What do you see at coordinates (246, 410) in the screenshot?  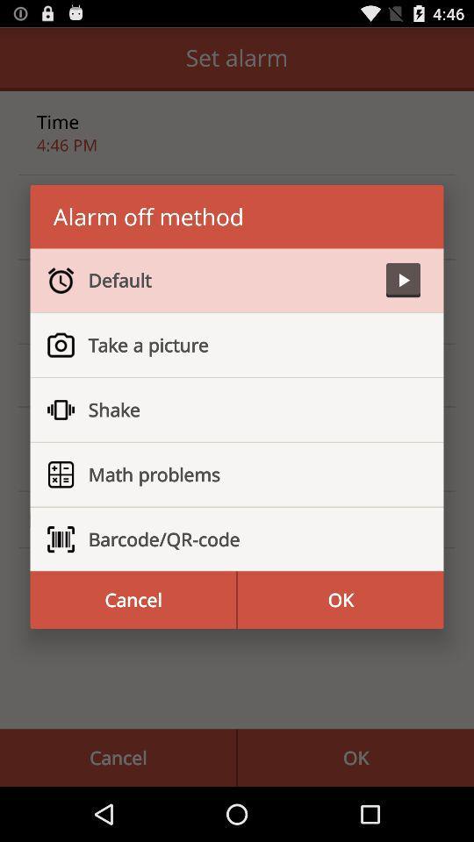 I see `shake item` at bounding box center [246, 410].